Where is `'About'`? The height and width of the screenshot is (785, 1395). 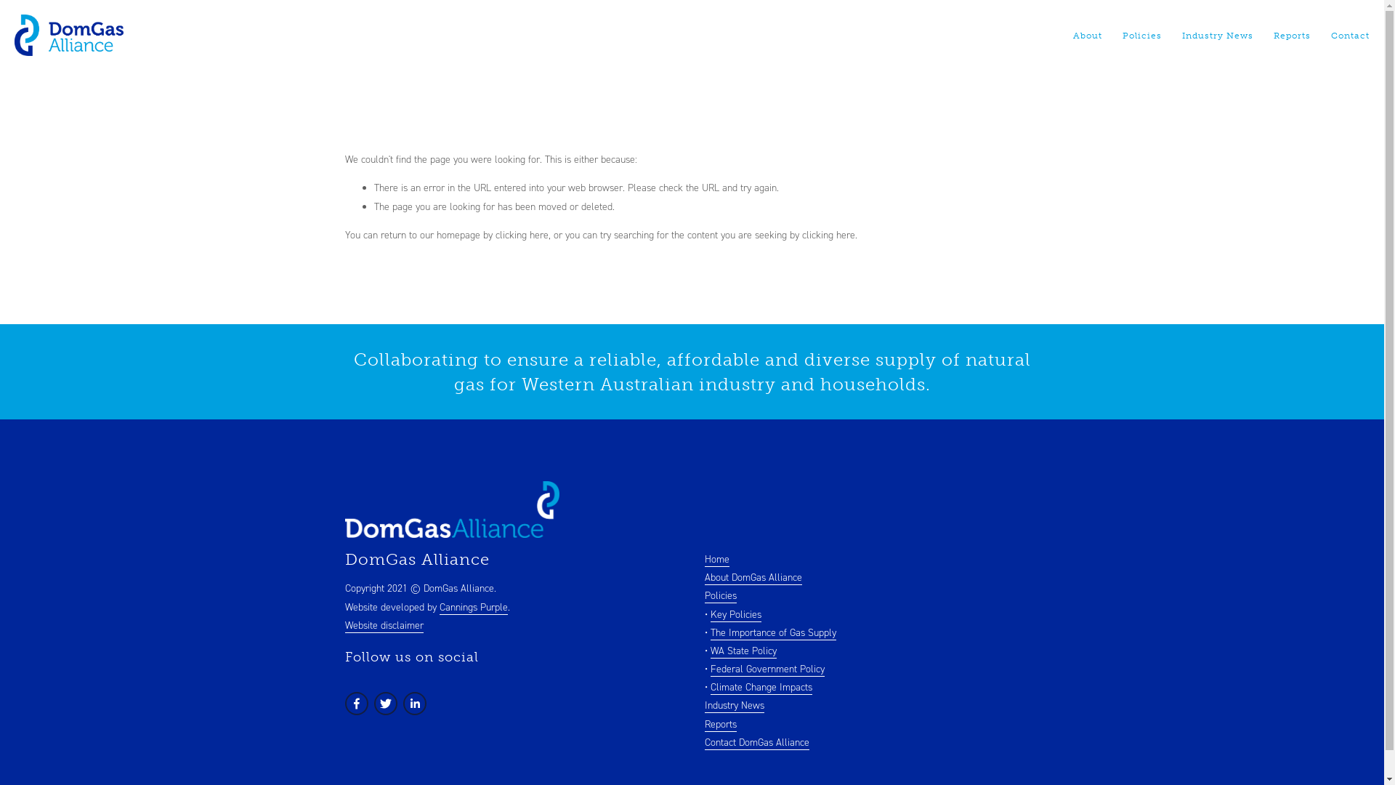 'About' is located at coordinates (1088, 35).